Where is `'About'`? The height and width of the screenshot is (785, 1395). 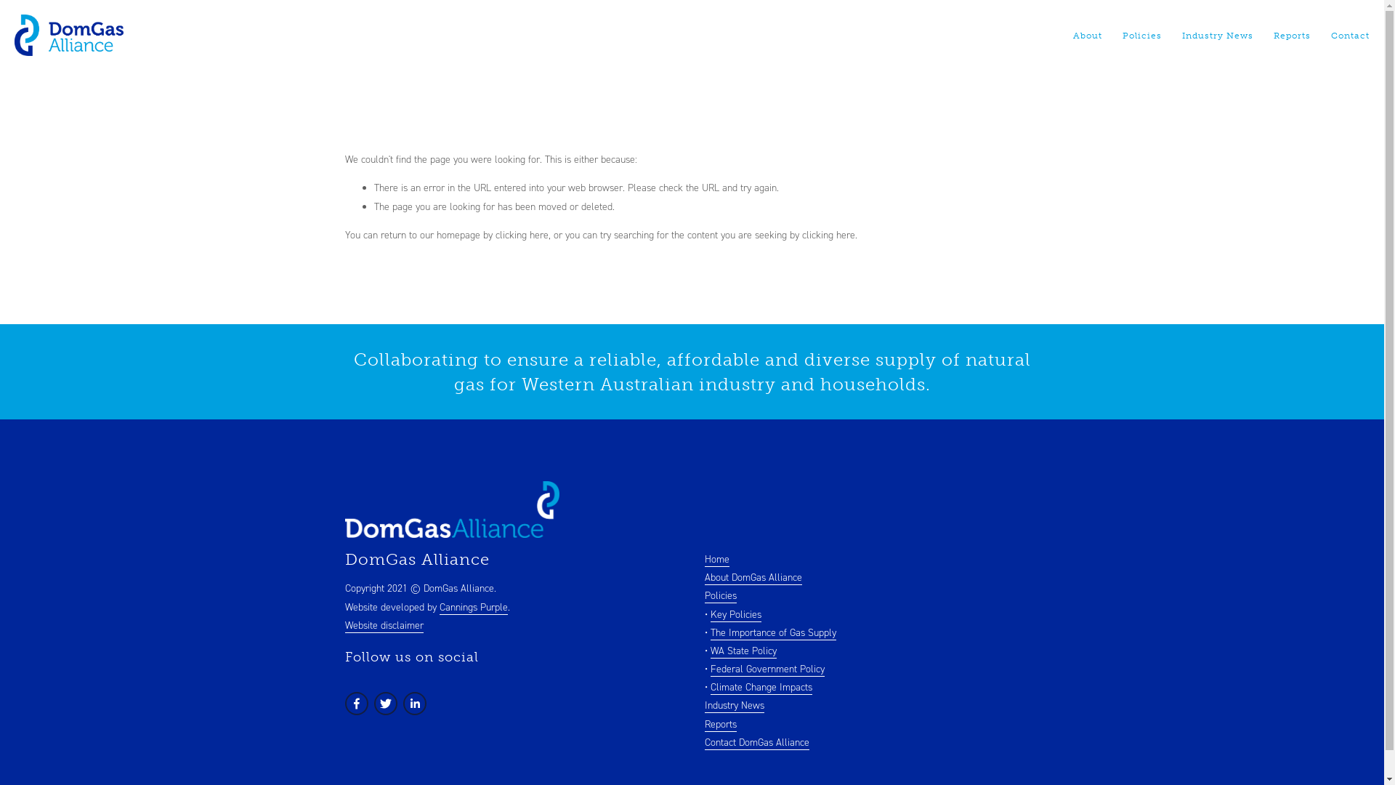 'About' is located at coordinates (1088, 35).